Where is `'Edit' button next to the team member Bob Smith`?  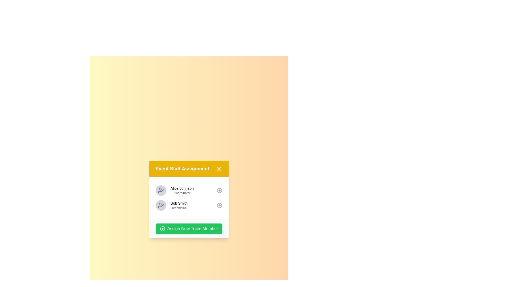 'Edit' button next to the team member Bob Smith is located at coordinates (220, 205).